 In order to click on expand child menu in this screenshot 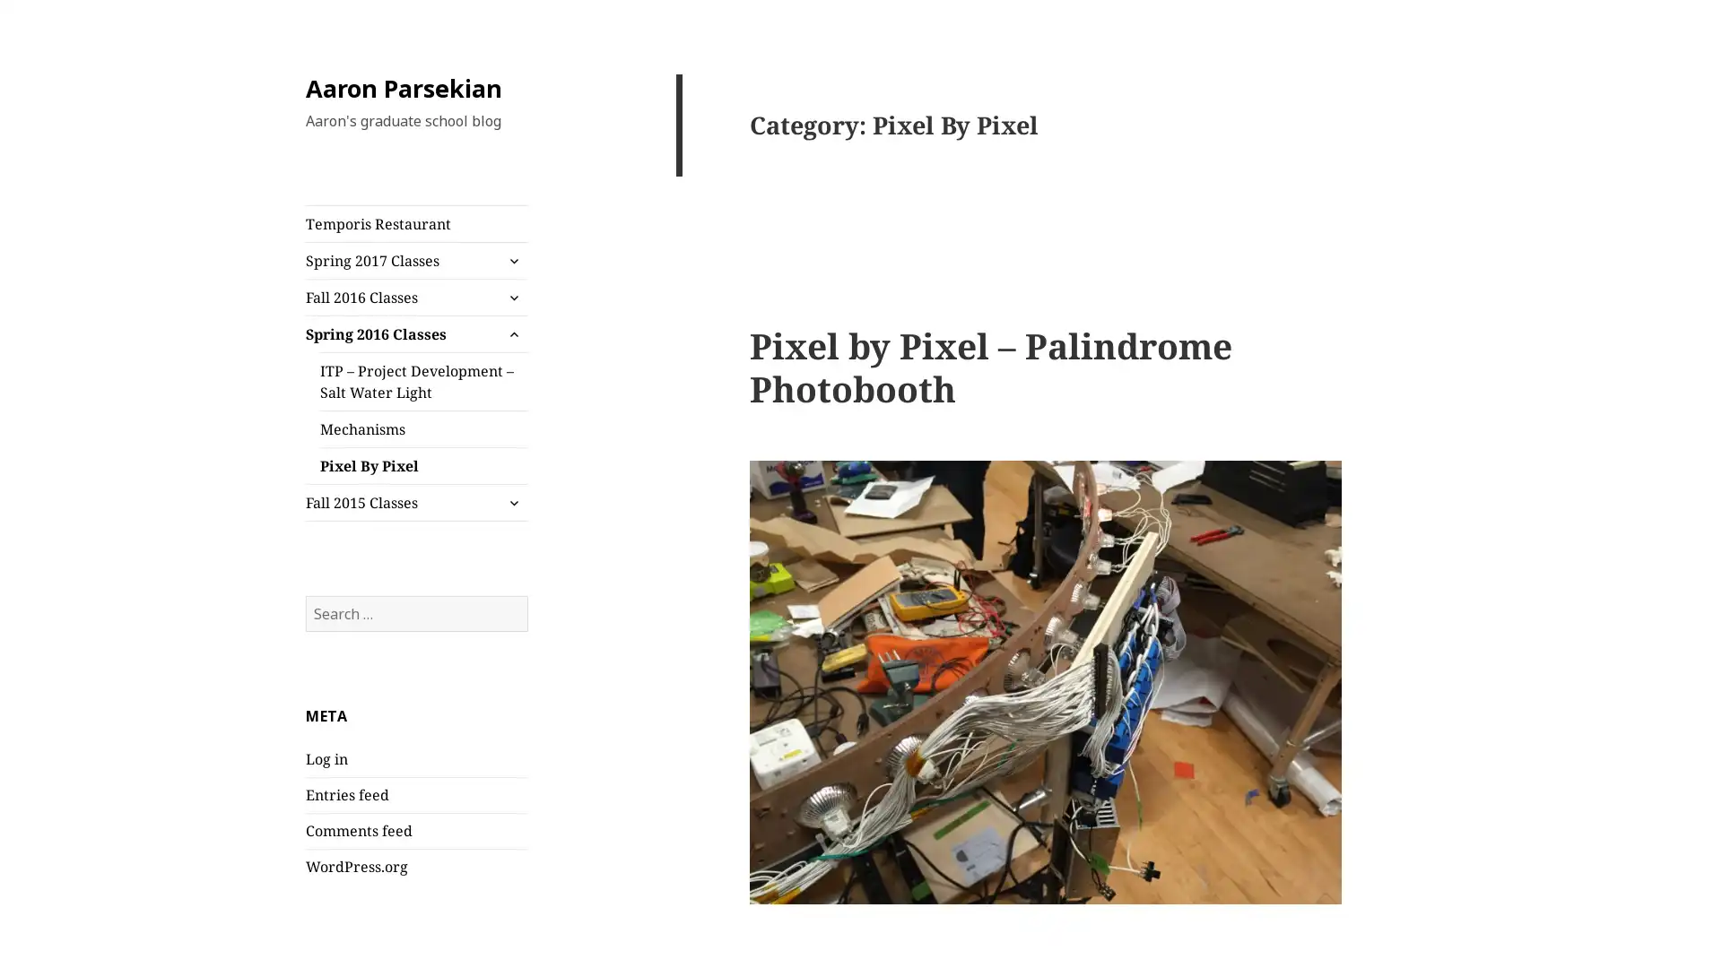, I will do `click(511, 260)`.